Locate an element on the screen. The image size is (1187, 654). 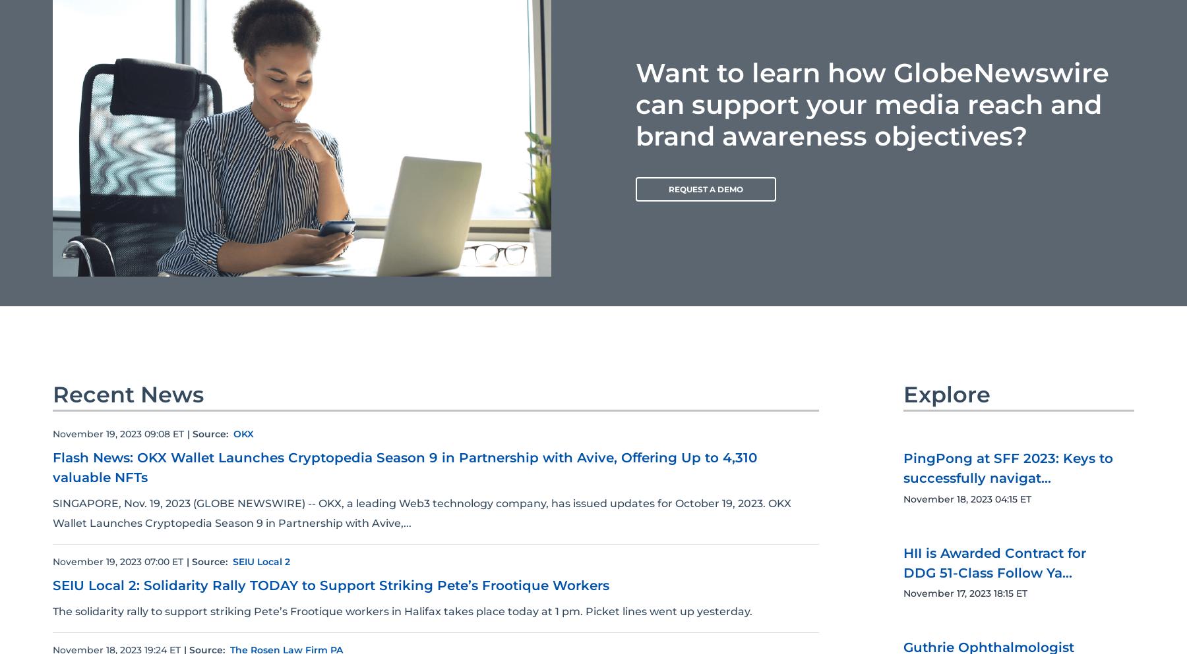
'Flash News: OKX Wallet Launches Cryptopedia Season 9 in Partnership with Avive, Offering Up to 4,310 valuable NFTs' is located at coordinates (404, 466).